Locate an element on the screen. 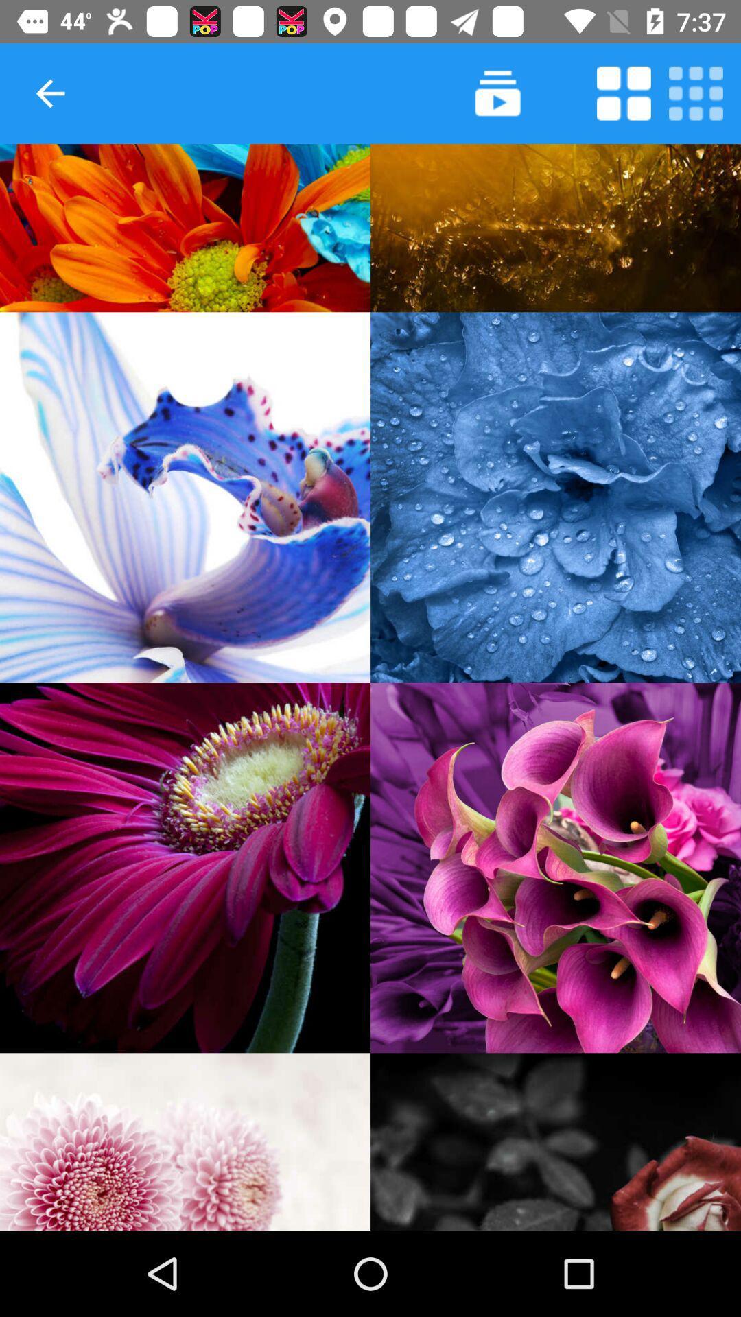  slideshow is located at coordinates (497, 93).